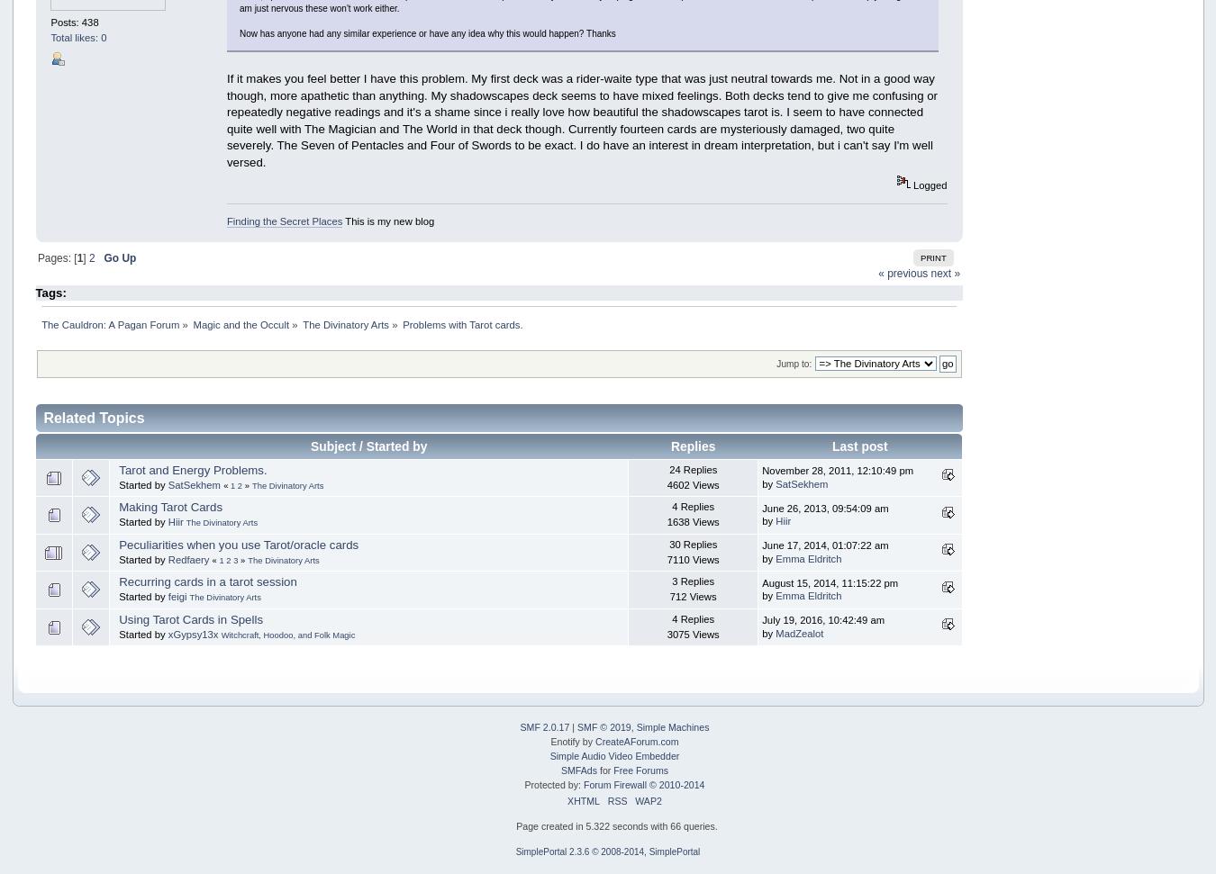  I want to click on 'June 26, 2013, 09:54:09 am', so click(762, 507).